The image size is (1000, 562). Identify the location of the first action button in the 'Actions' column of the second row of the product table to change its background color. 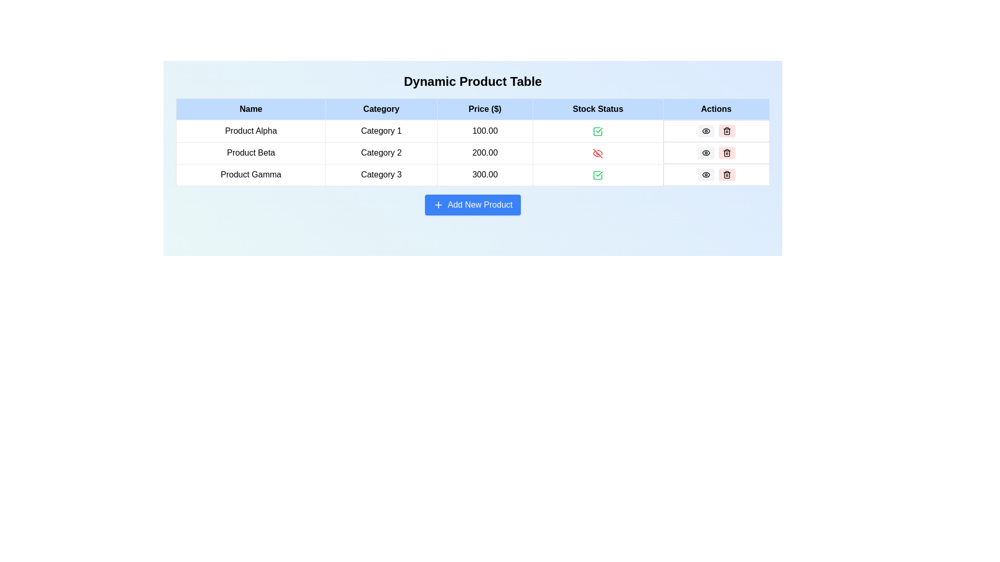
(706, 130).